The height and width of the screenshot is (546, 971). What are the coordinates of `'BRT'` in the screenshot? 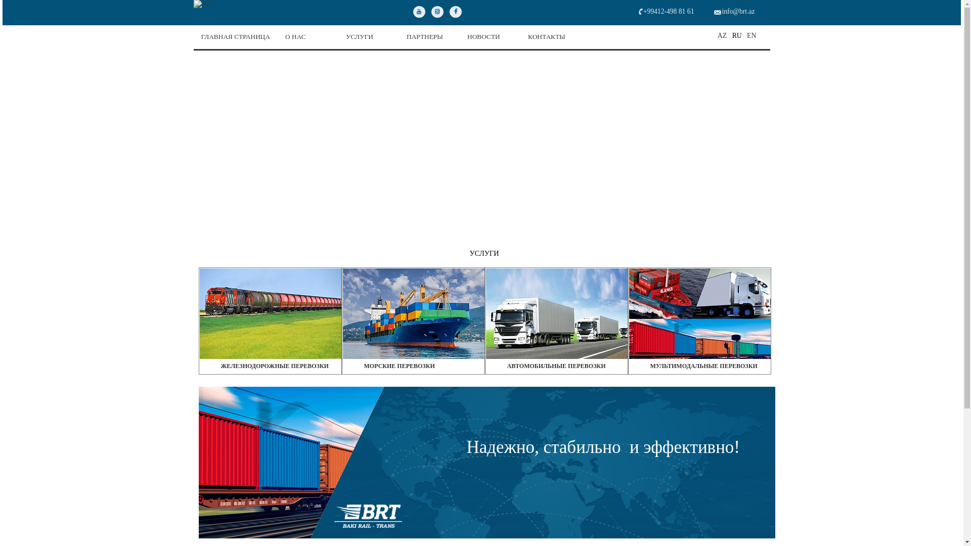 It's located at (203, 4).